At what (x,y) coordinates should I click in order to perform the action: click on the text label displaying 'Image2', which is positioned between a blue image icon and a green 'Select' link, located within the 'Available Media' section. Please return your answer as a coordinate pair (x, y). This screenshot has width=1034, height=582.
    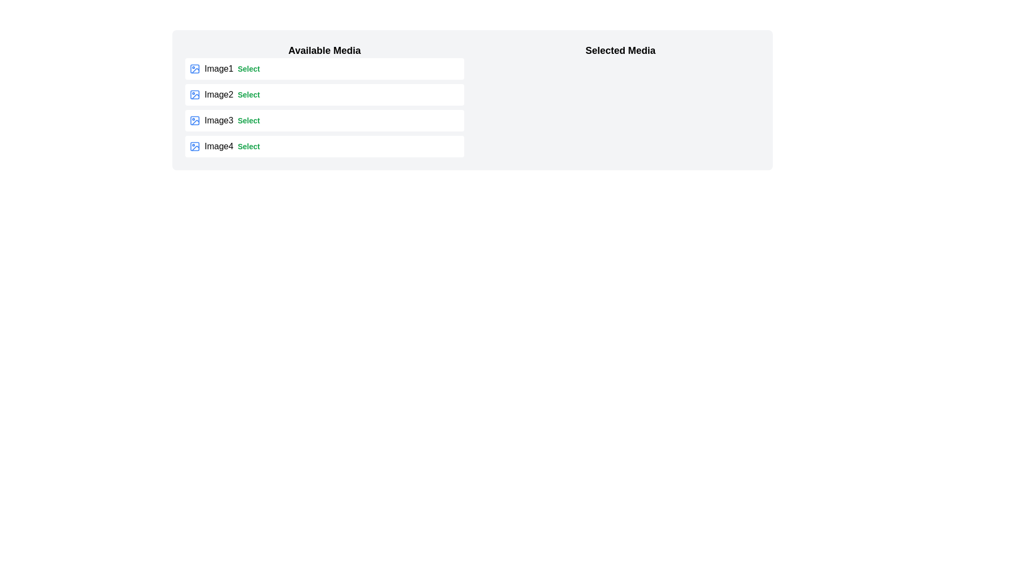
    Looking at the image, I should click on (218, 94).